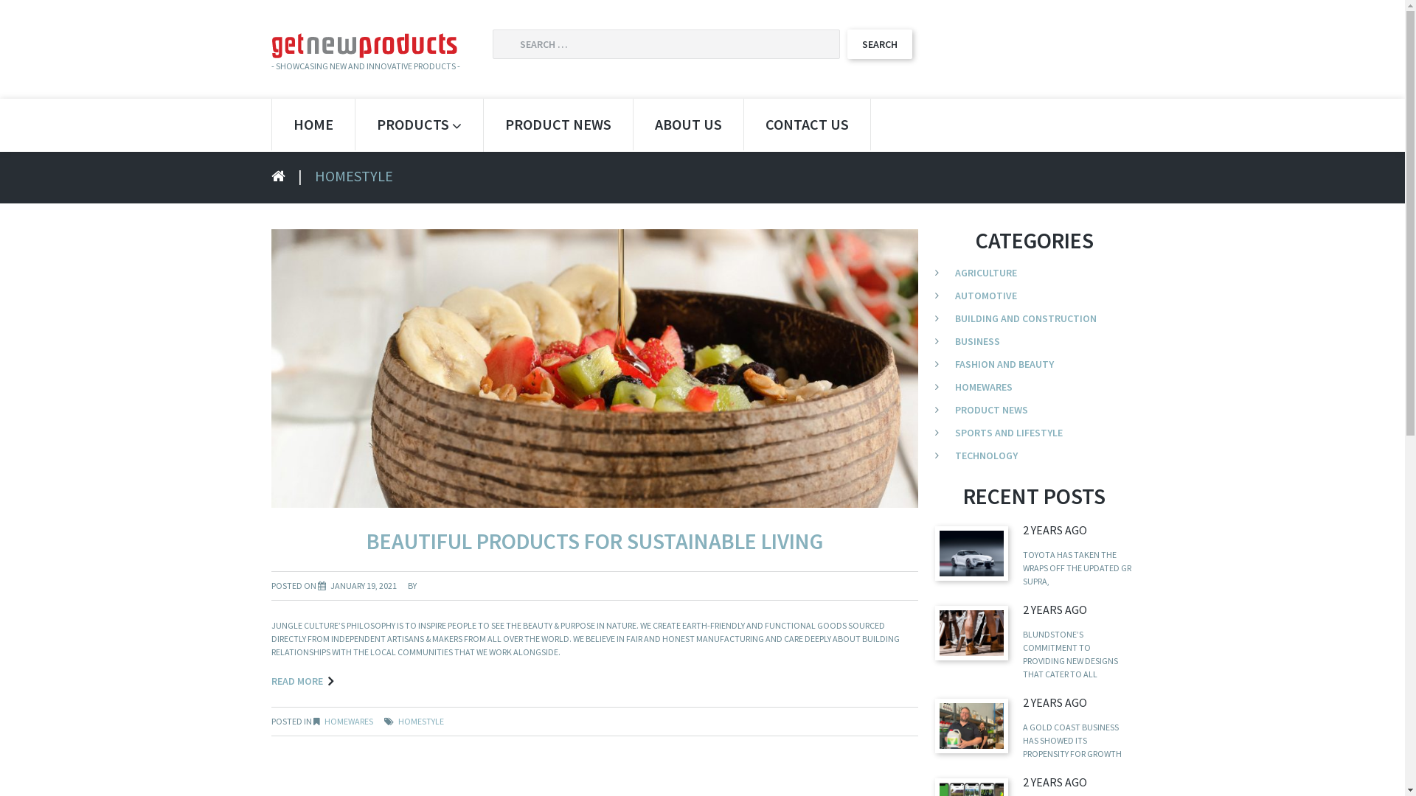 This screenshot has height=796, width=1416. I want to click on 'HOMESTYLE', so click(420, 720).